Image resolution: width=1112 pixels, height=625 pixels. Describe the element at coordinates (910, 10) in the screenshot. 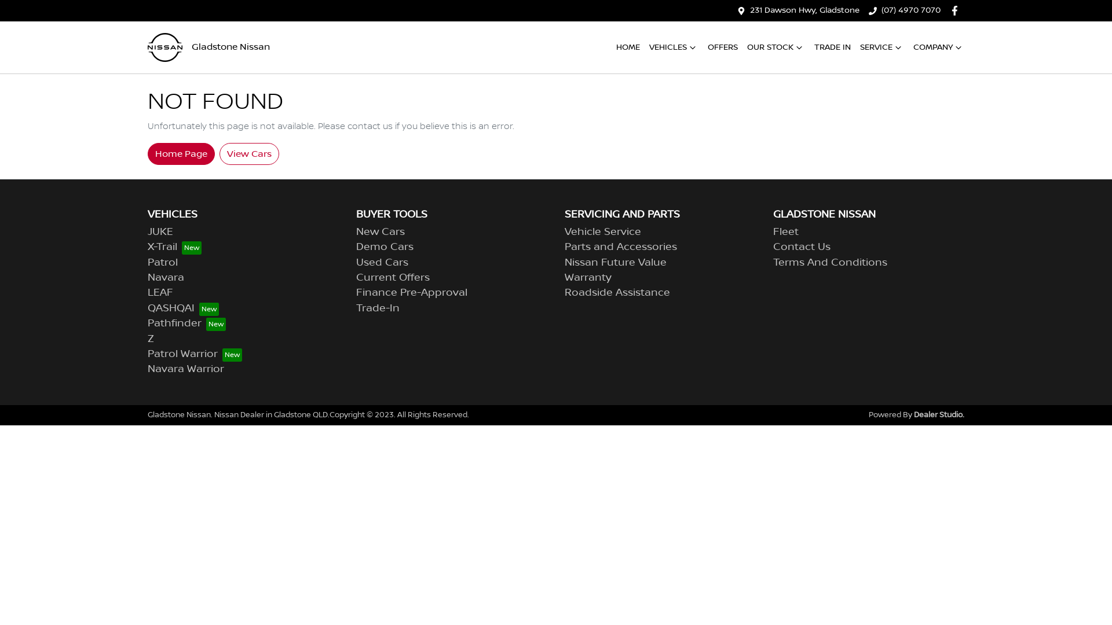

I see `'(07) 4970 7070'` at that location.